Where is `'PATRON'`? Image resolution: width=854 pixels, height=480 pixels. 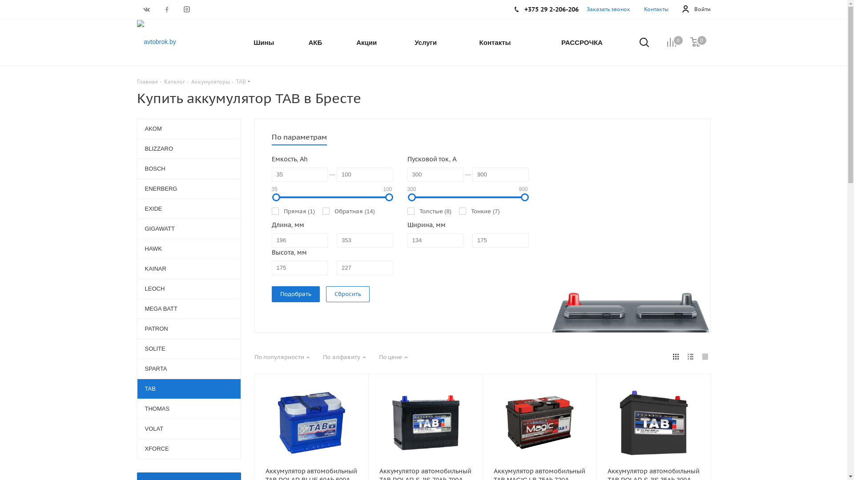 'PATRON' is located at coordinates (189, 328).